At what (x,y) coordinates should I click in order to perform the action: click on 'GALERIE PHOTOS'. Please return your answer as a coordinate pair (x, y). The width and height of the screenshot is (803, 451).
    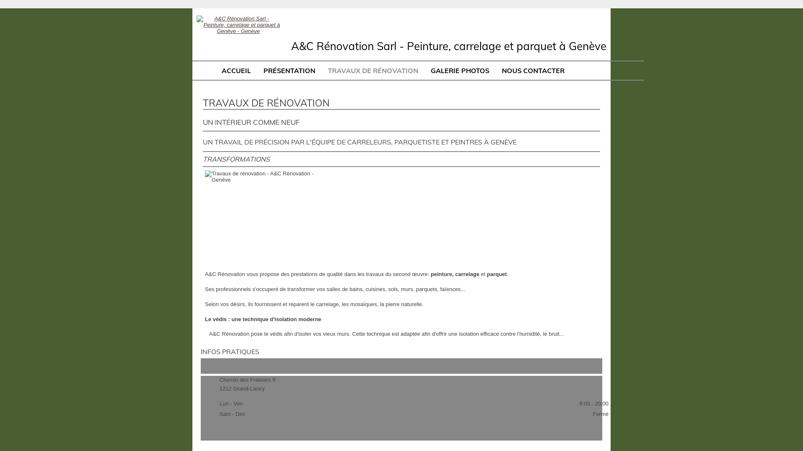
    Looking at the image, I should click on (459, 70).